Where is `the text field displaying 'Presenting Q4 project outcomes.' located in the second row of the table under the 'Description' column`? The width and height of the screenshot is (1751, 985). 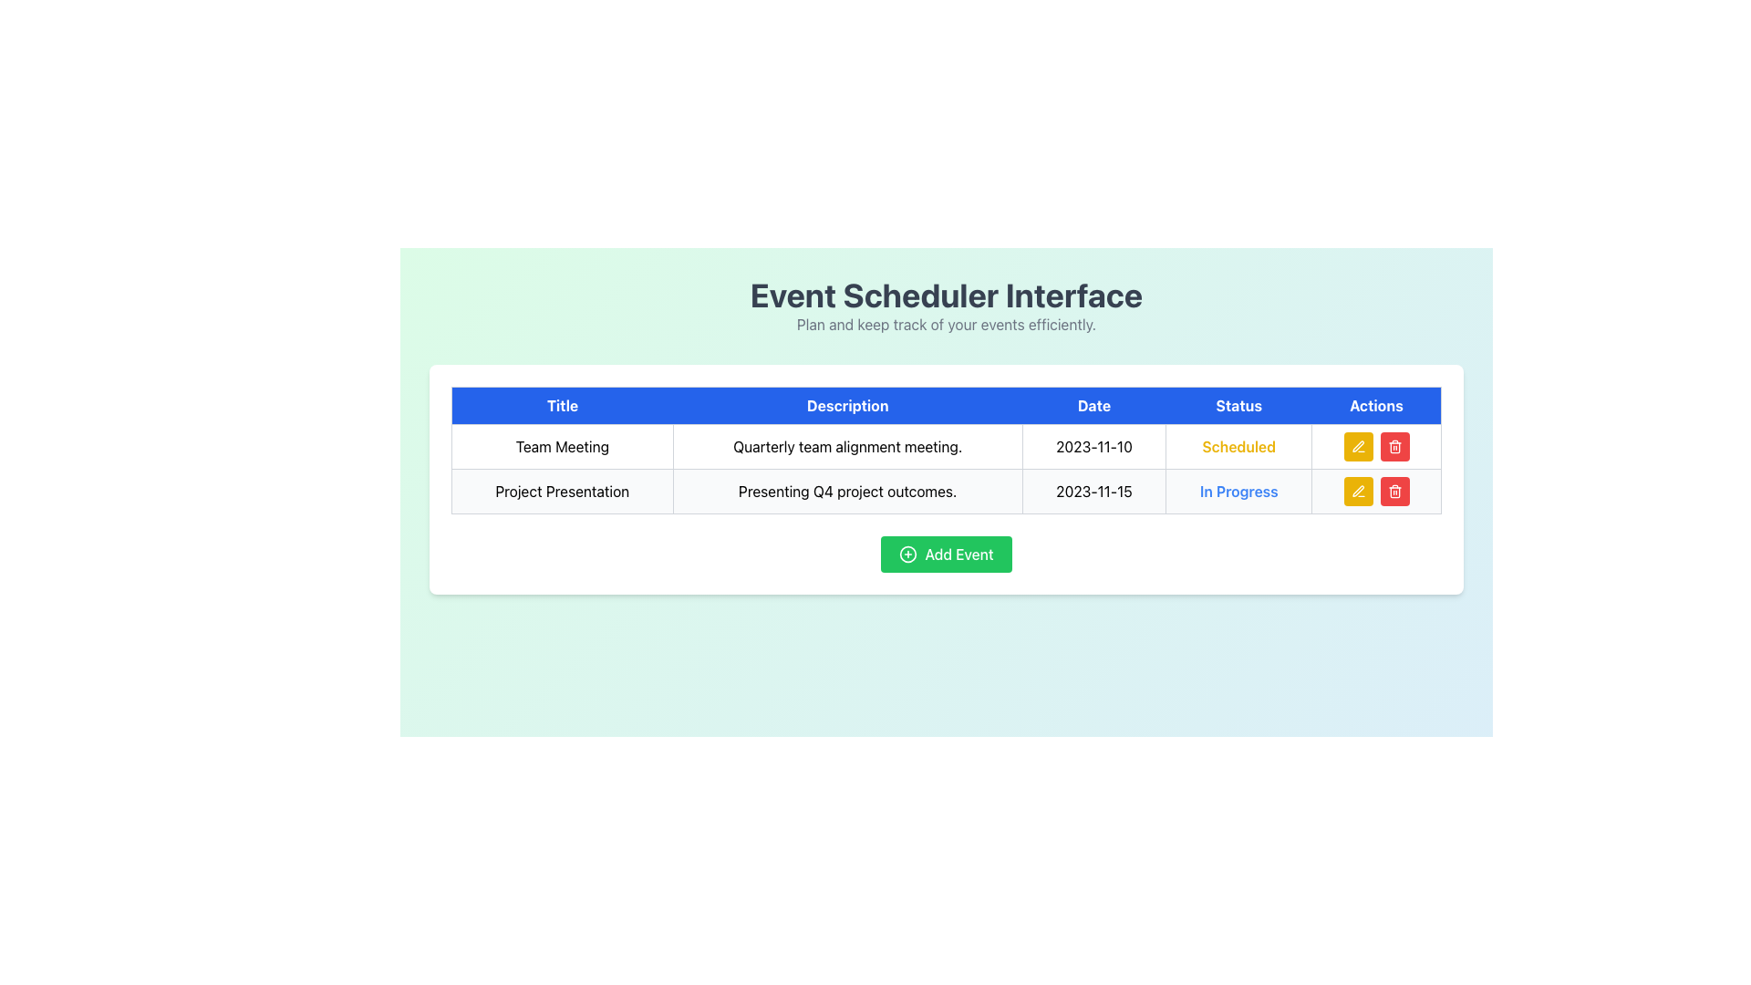 the text field displaying 'Presenting Q4 project outcomes.' located in the second row of the table under the 'Description' column is located at coordinates (846, 491).